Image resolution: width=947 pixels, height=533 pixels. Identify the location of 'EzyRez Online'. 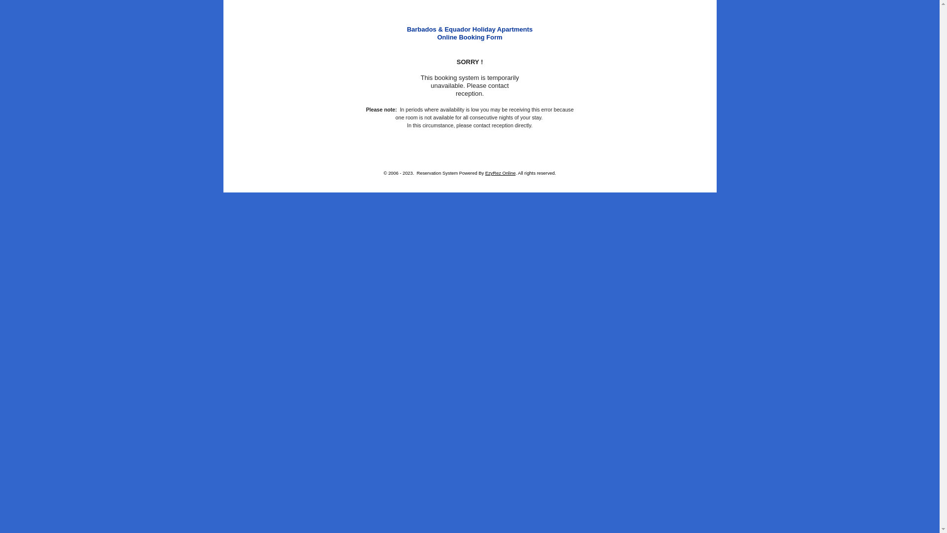
(500, 173).